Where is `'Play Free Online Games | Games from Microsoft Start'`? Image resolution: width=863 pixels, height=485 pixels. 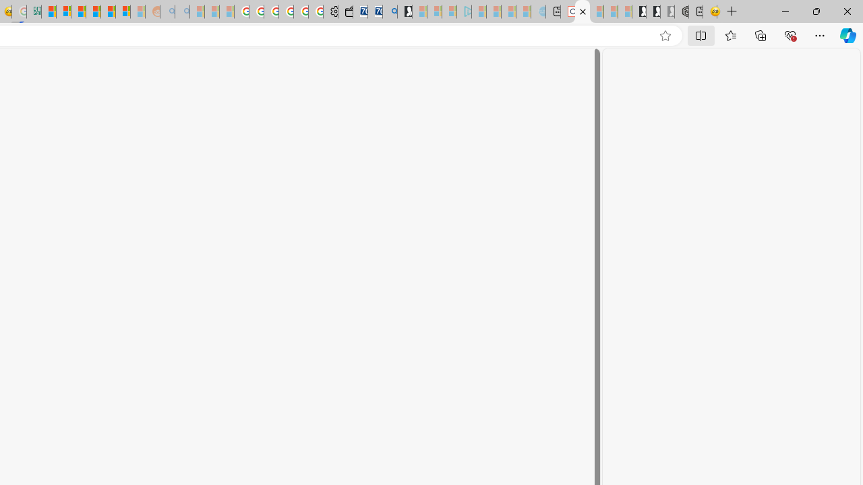
'Play Free Online Games | Games from Microsoft Start' is located at coordinates (638, 11).